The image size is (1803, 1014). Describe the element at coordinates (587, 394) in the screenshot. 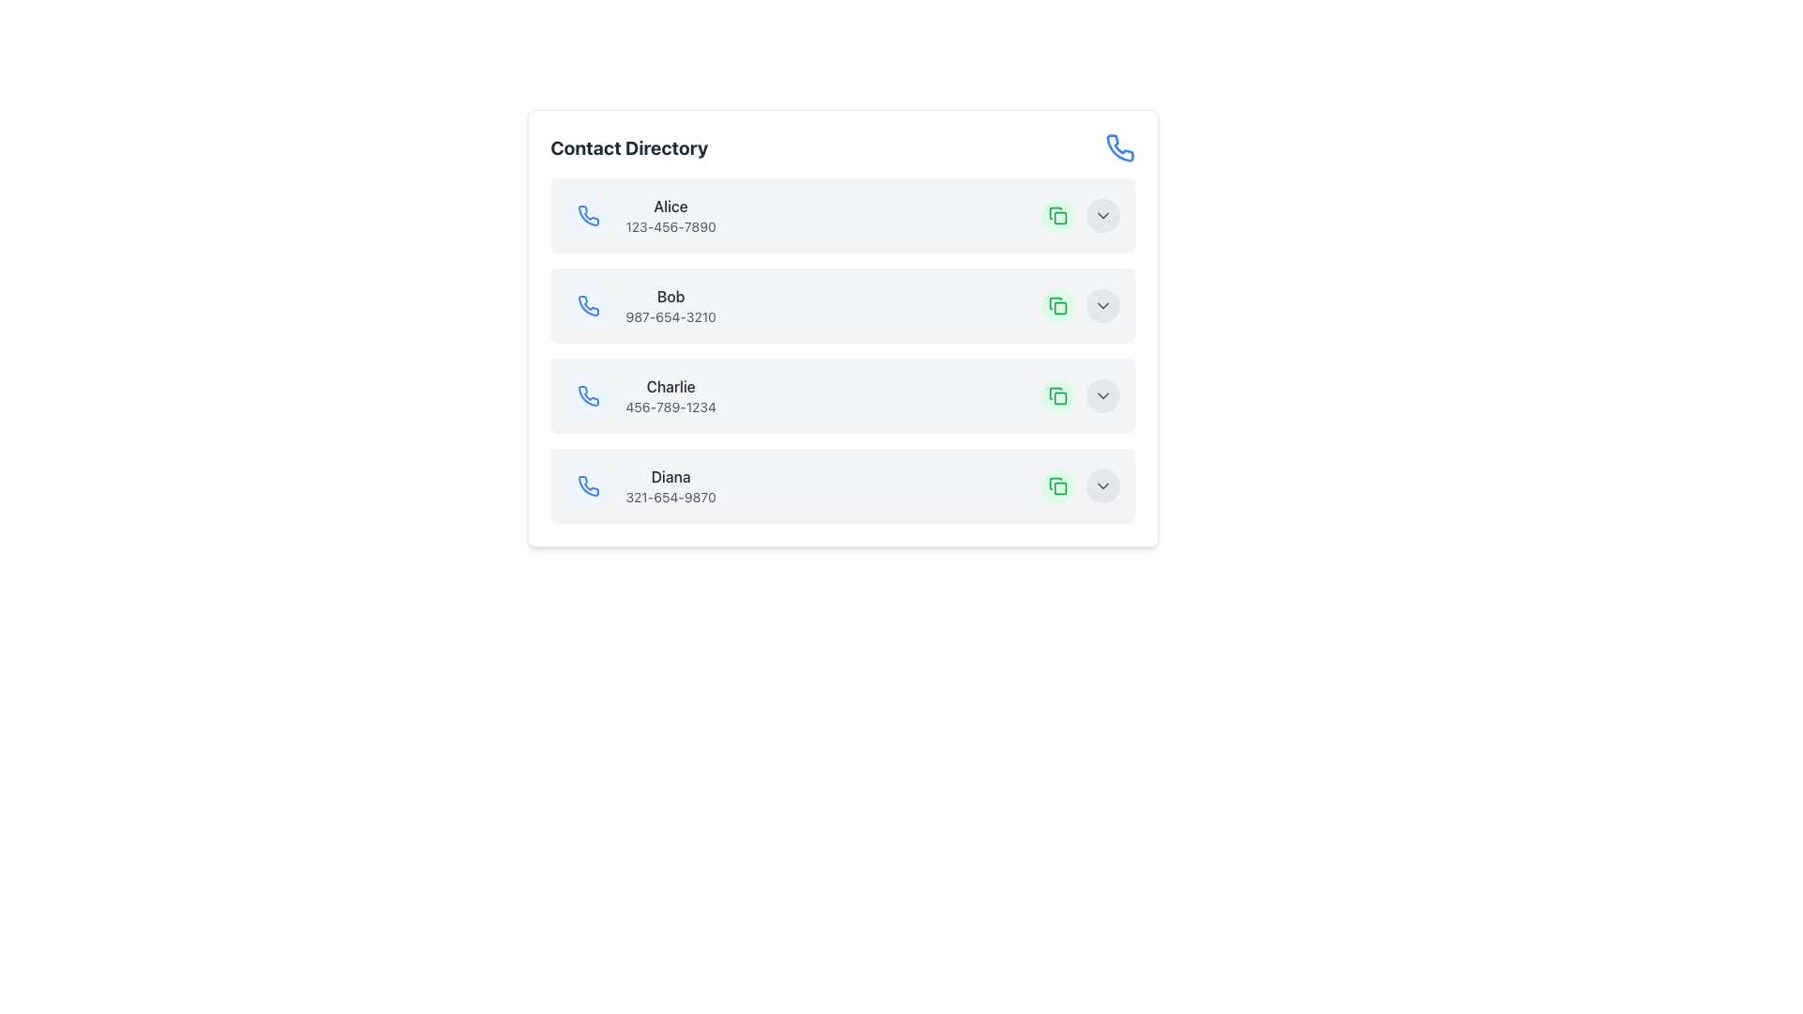

I see `the circular light blue button with a phone icon to initiate a call for the contact 'Charlie' (456-789-1234)` at that location.